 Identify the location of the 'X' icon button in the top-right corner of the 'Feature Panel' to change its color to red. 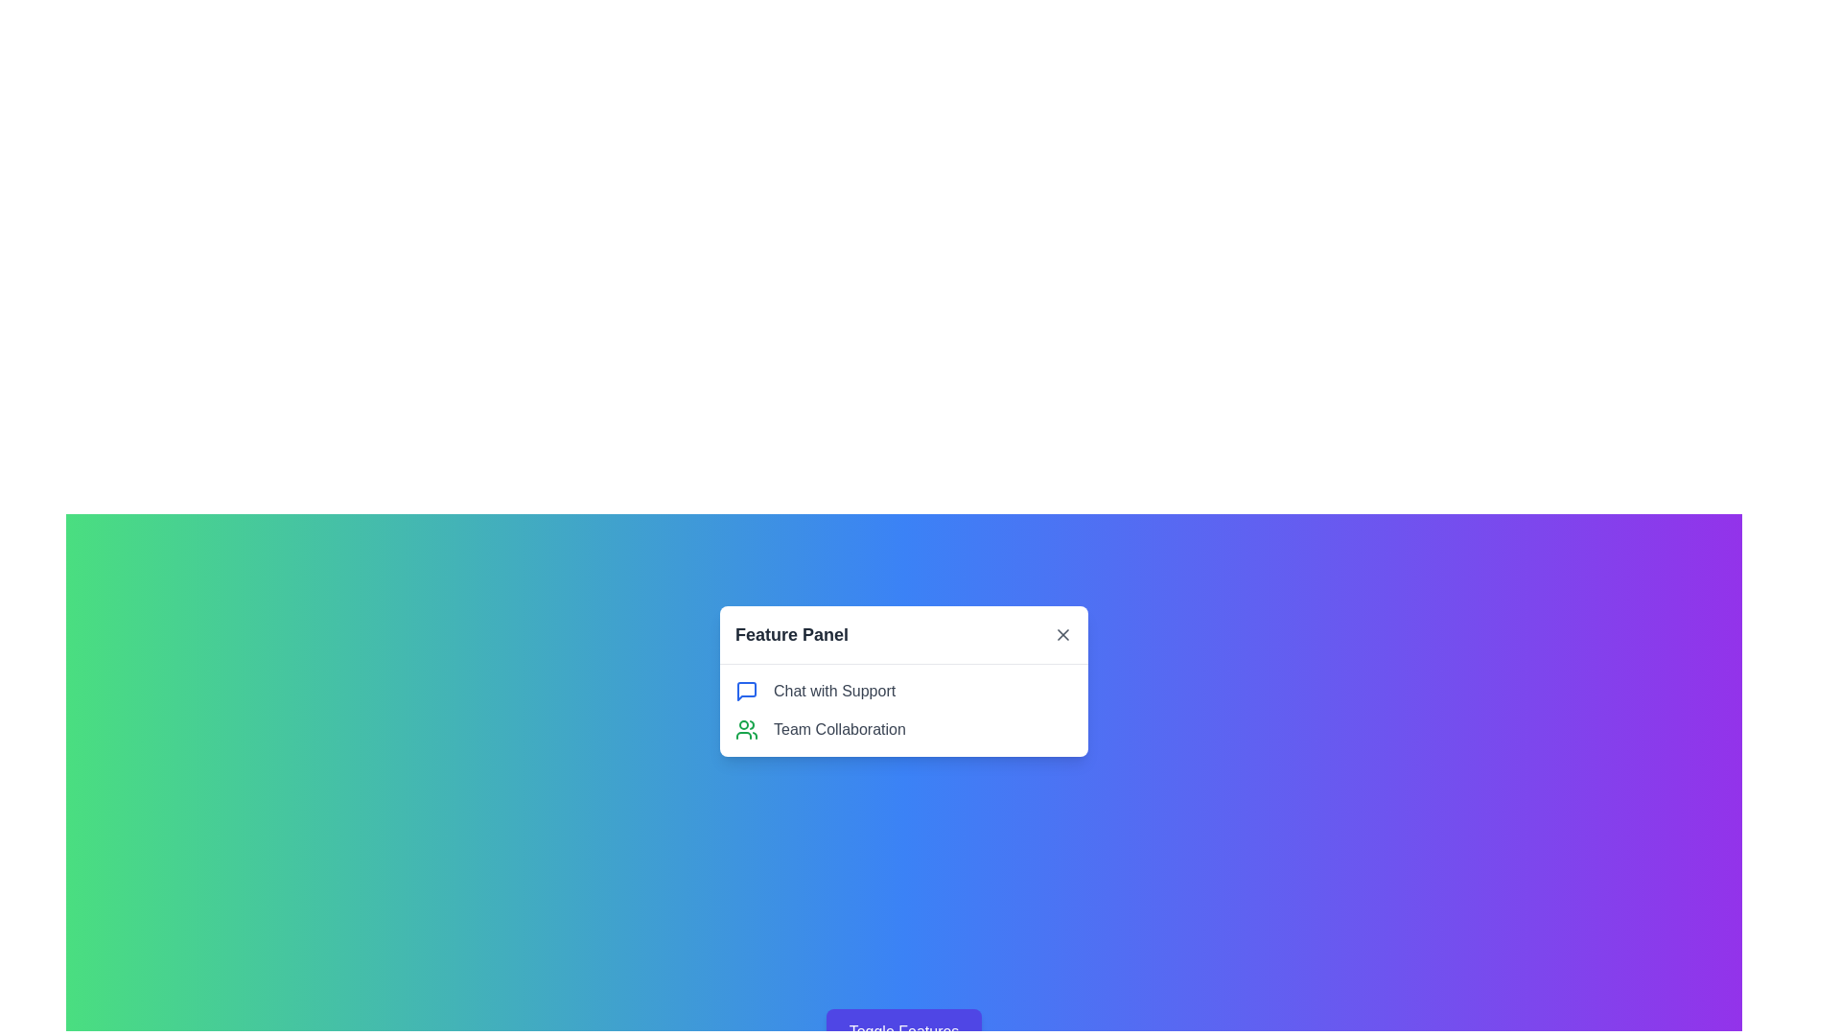
(1061, 635).